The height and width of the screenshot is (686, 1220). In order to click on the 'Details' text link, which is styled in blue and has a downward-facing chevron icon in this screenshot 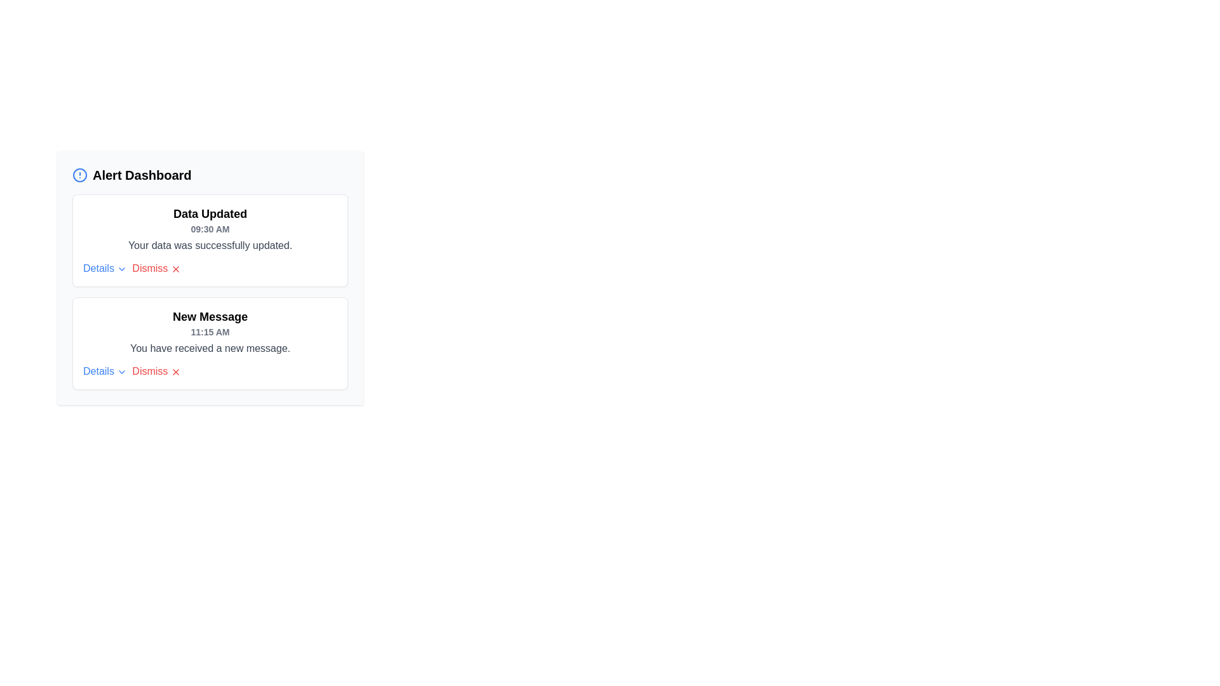, I will do `click(105, 372)`.